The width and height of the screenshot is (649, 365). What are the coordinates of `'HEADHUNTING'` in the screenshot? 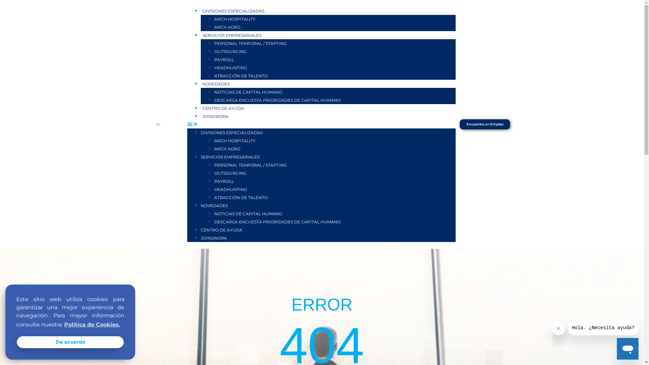 It's located at (214, 189).